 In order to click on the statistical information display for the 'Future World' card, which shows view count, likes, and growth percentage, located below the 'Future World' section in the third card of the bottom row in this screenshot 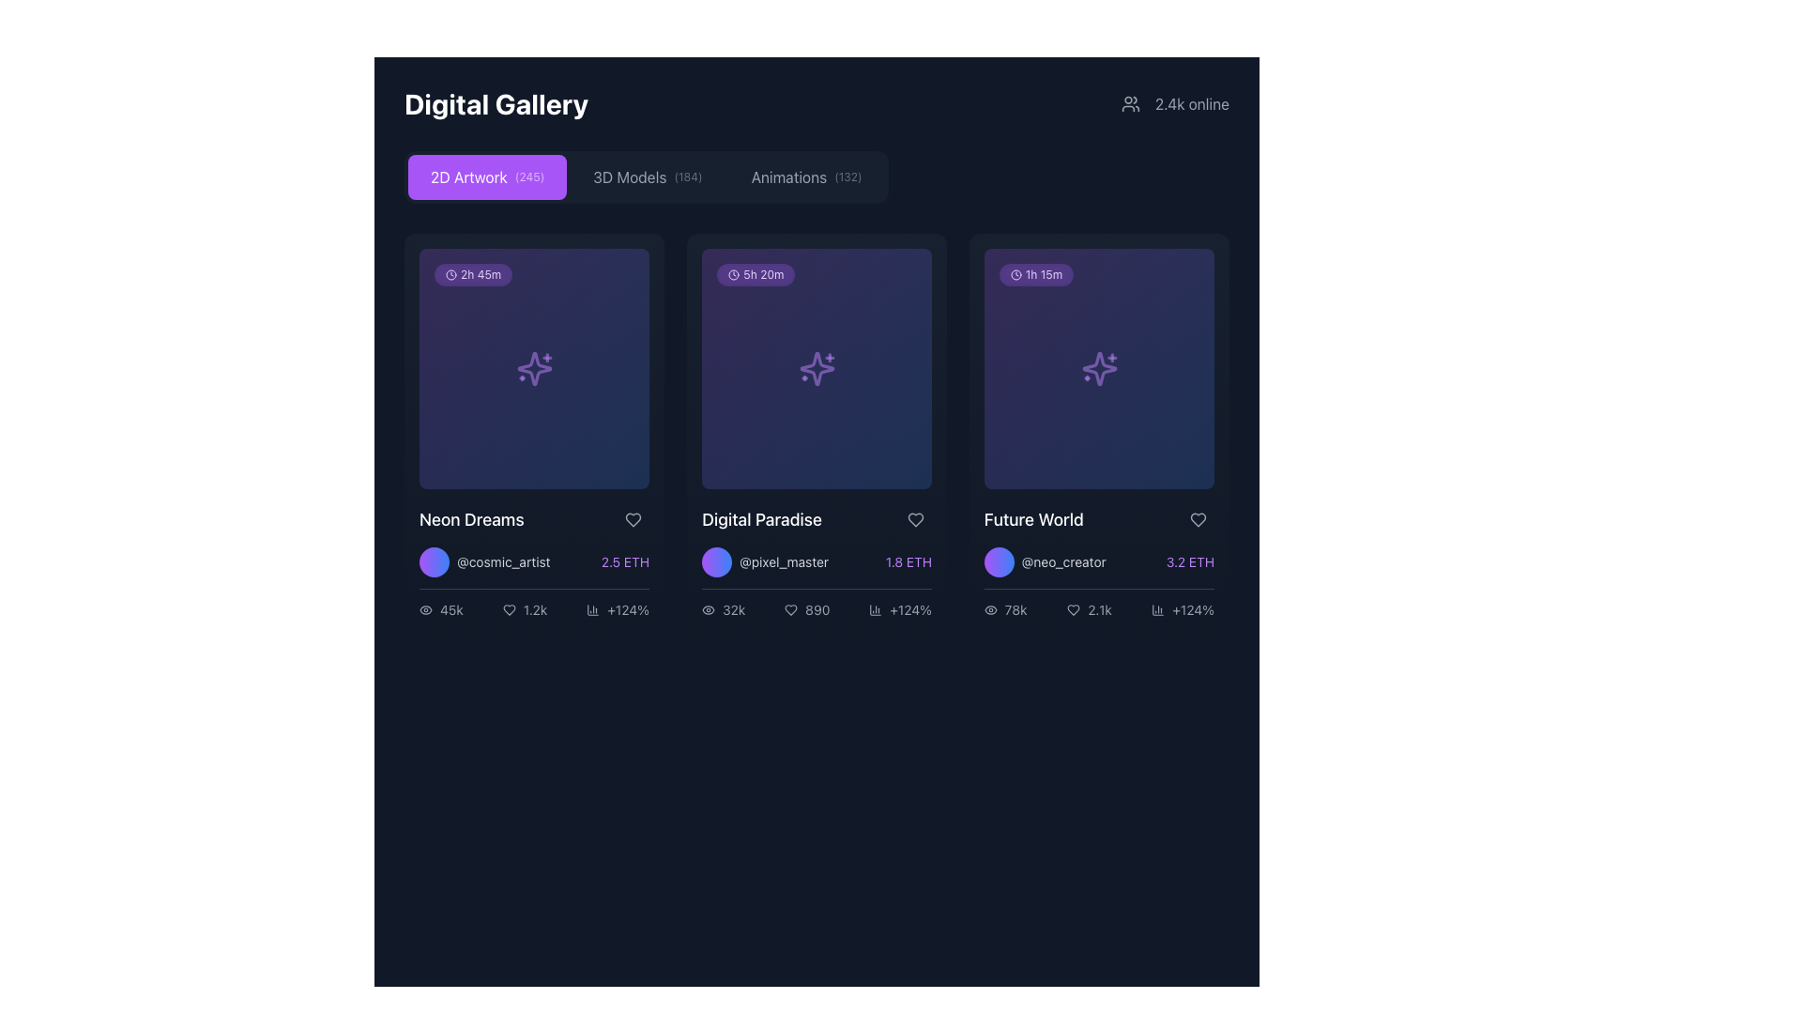, I will do `click(1099, 604)`.